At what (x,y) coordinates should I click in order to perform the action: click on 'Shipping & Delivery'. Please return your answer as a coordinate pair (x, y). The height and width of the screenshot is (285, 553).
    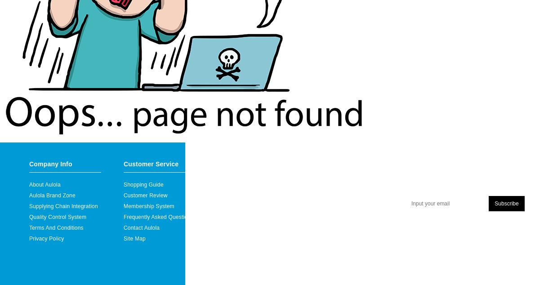
    Looking at the image, I should click on (241, 206).